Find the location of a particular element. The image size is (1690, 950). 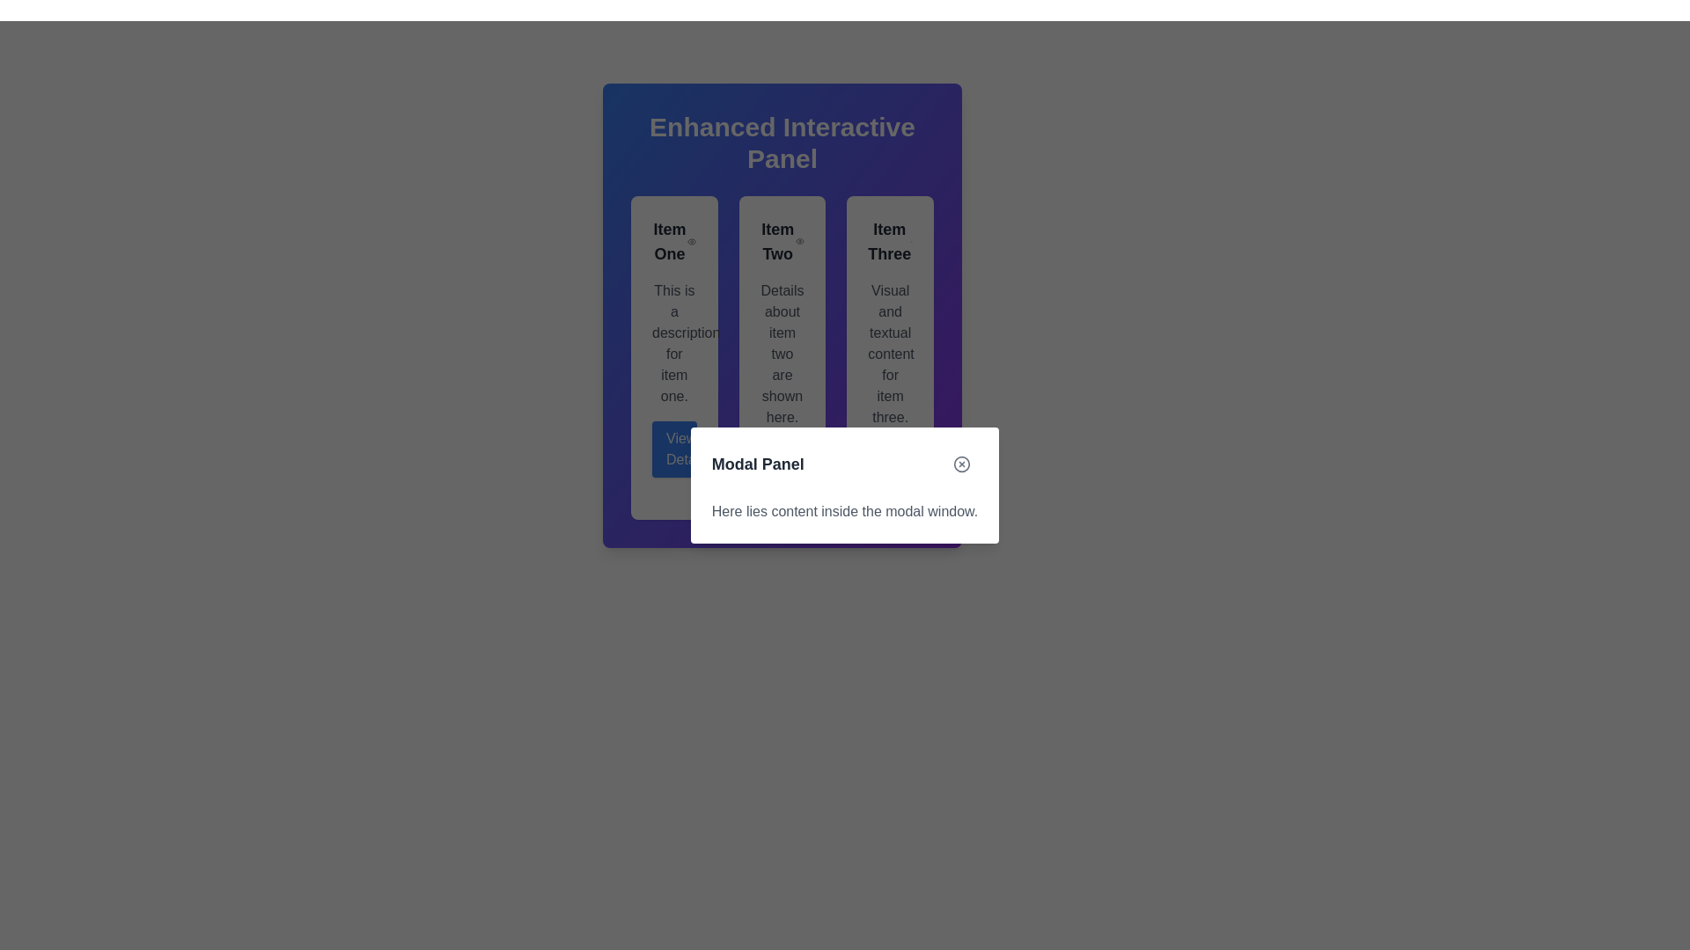

static text label that displays 'Here lies content inside the modal window.' positioned below the title 'Modal Panel' in the modal window is located at coordinates (845, 512).